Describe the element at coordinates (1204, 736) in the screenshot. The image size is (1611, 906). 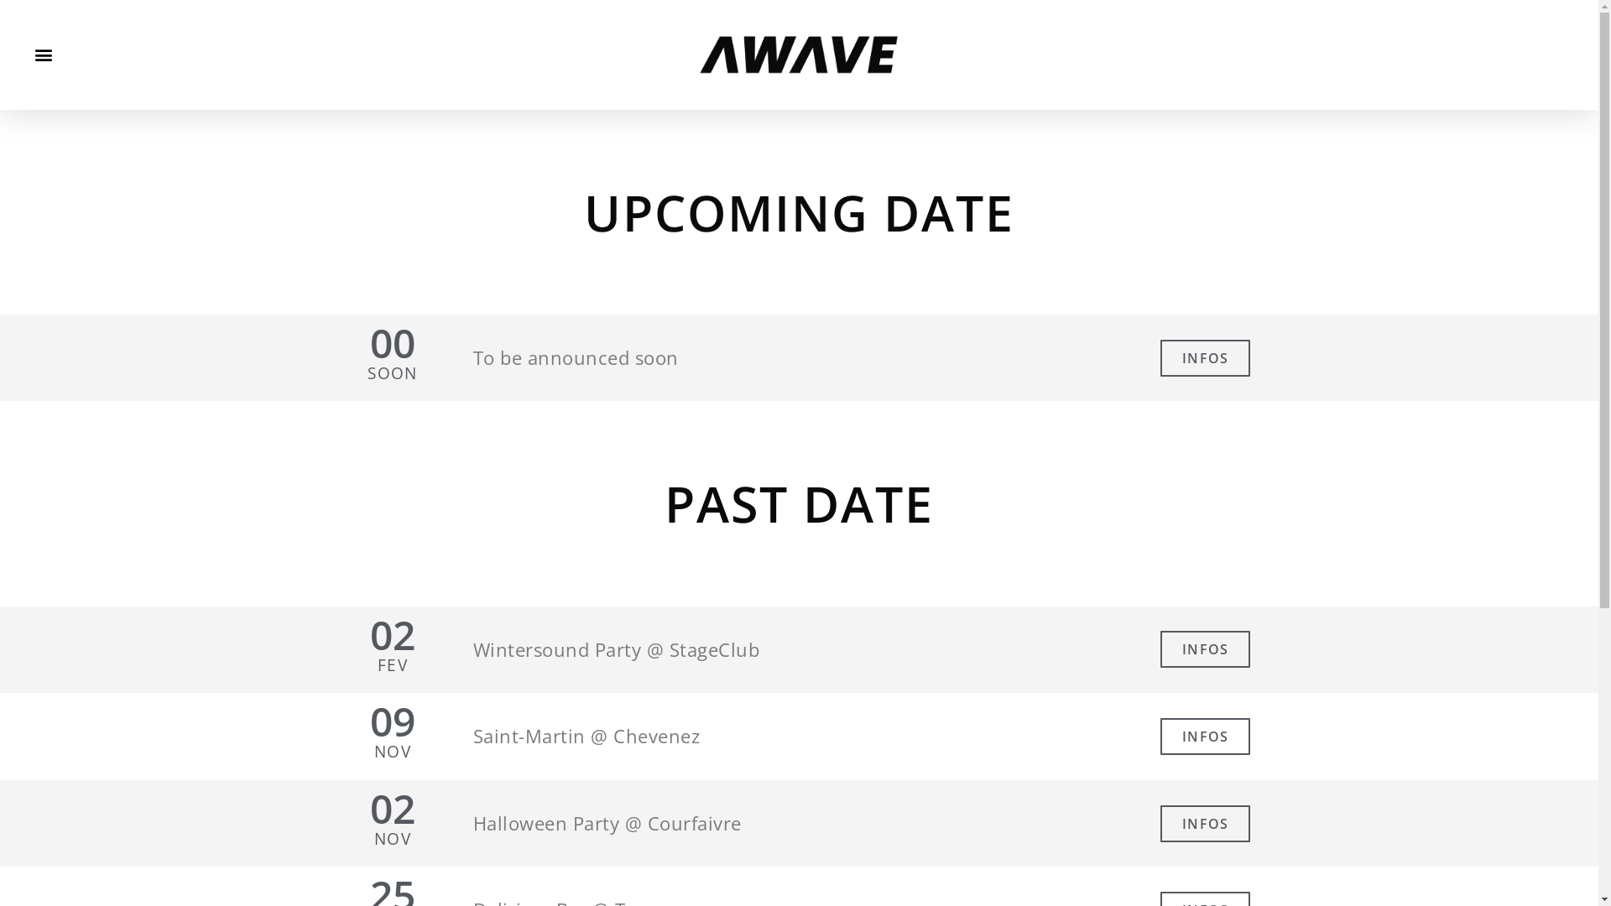
I see `'INFOS'` at that location.